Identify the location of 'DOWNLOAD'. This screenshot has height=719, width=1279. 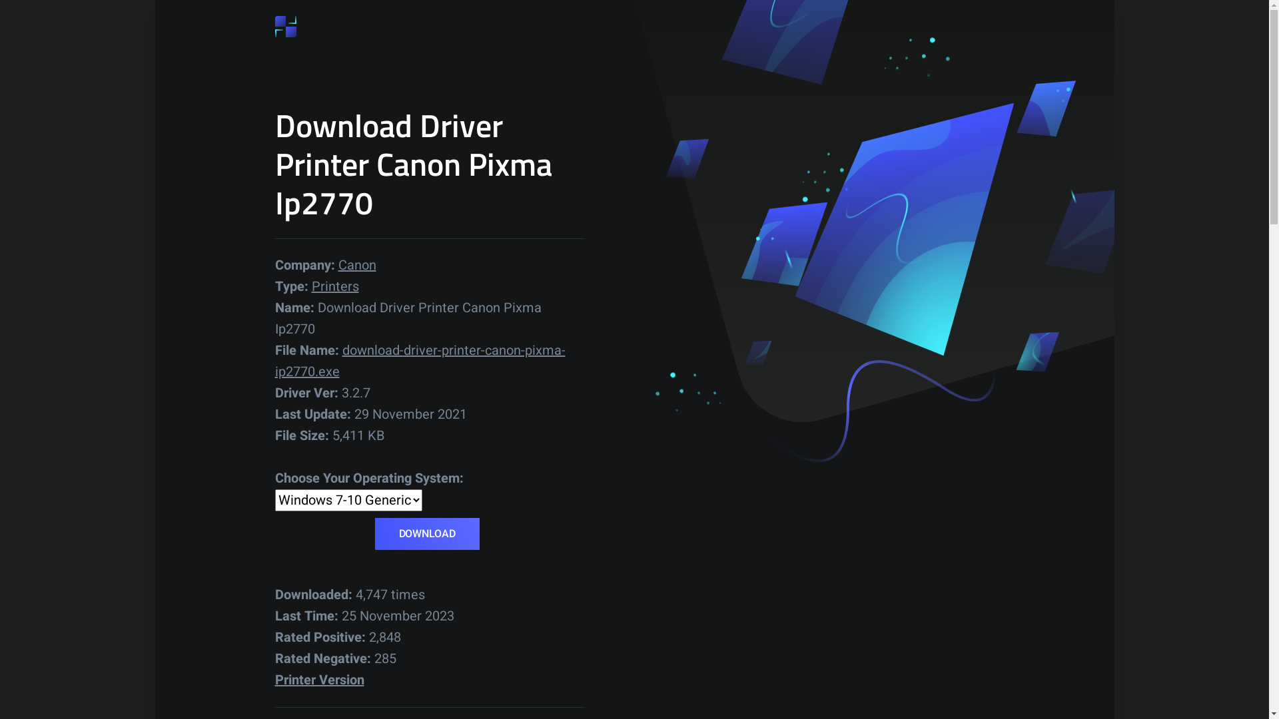
(426, 533).